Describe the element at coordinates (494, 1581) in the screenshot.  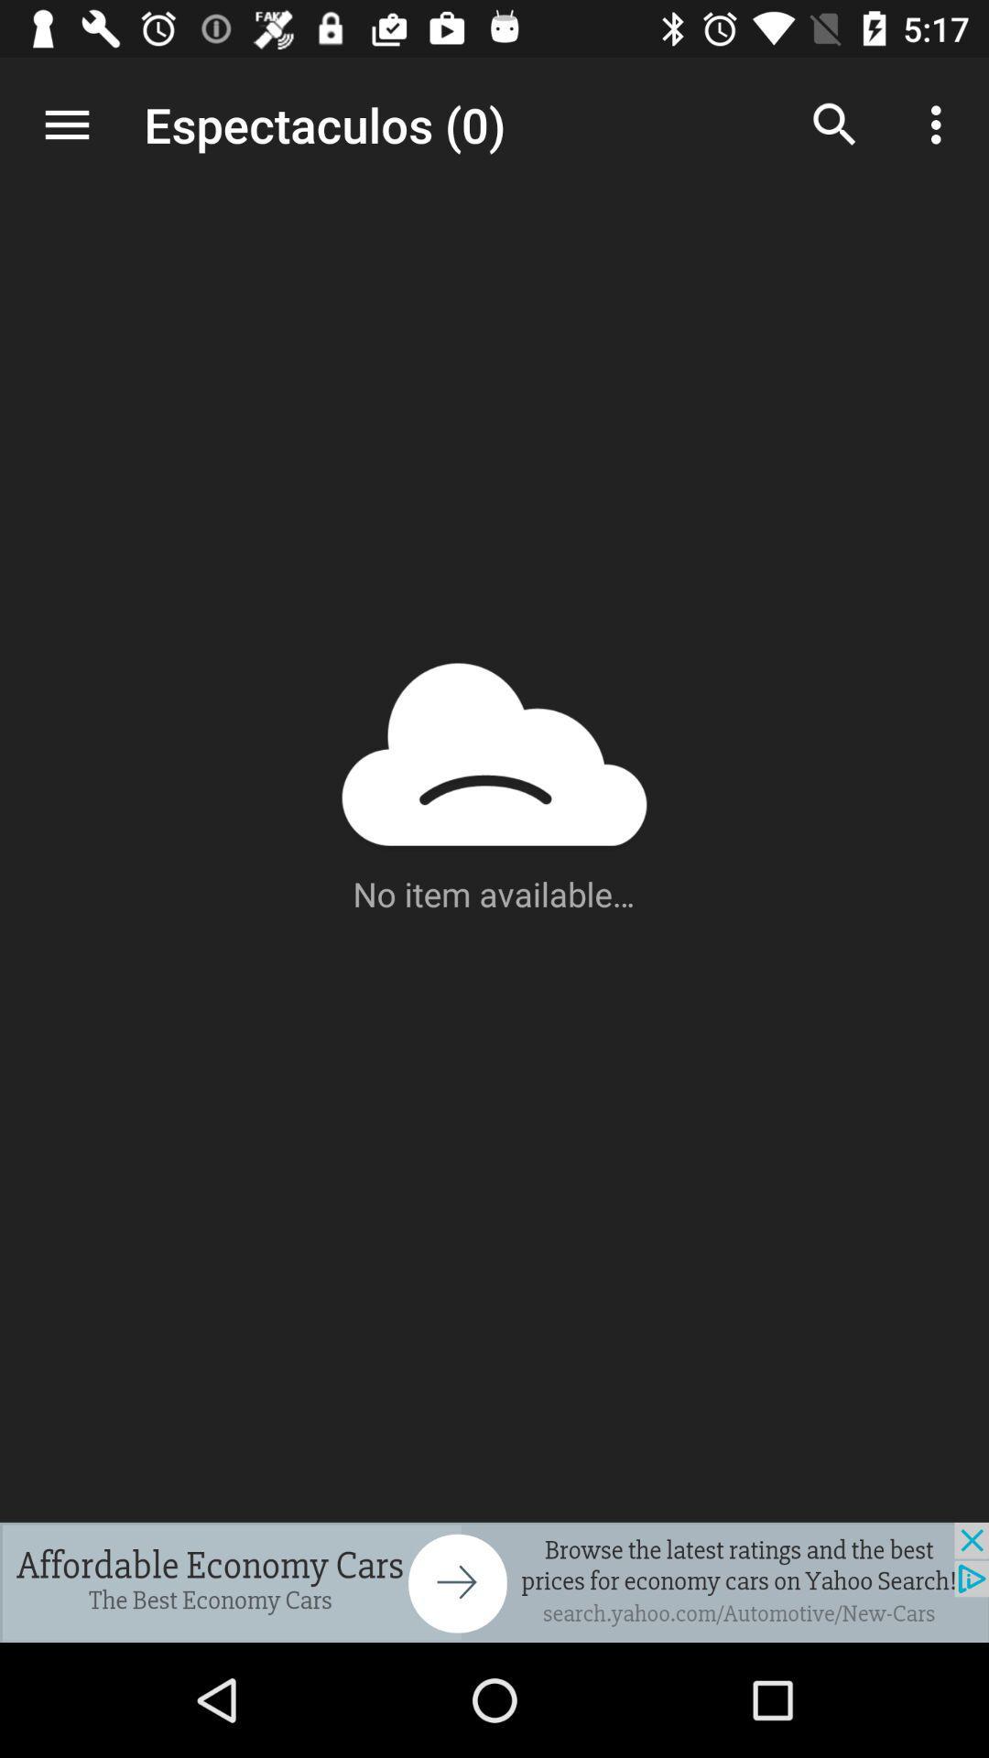
I see `advertisement` at that location.